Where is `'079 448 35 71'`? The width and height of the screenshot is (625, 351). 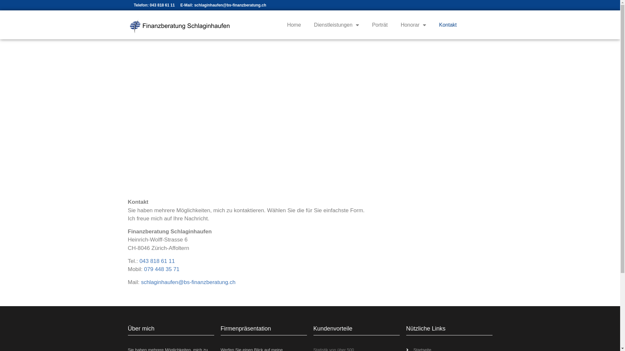
'079 448 35 71' is located at coordinates (162, 269).